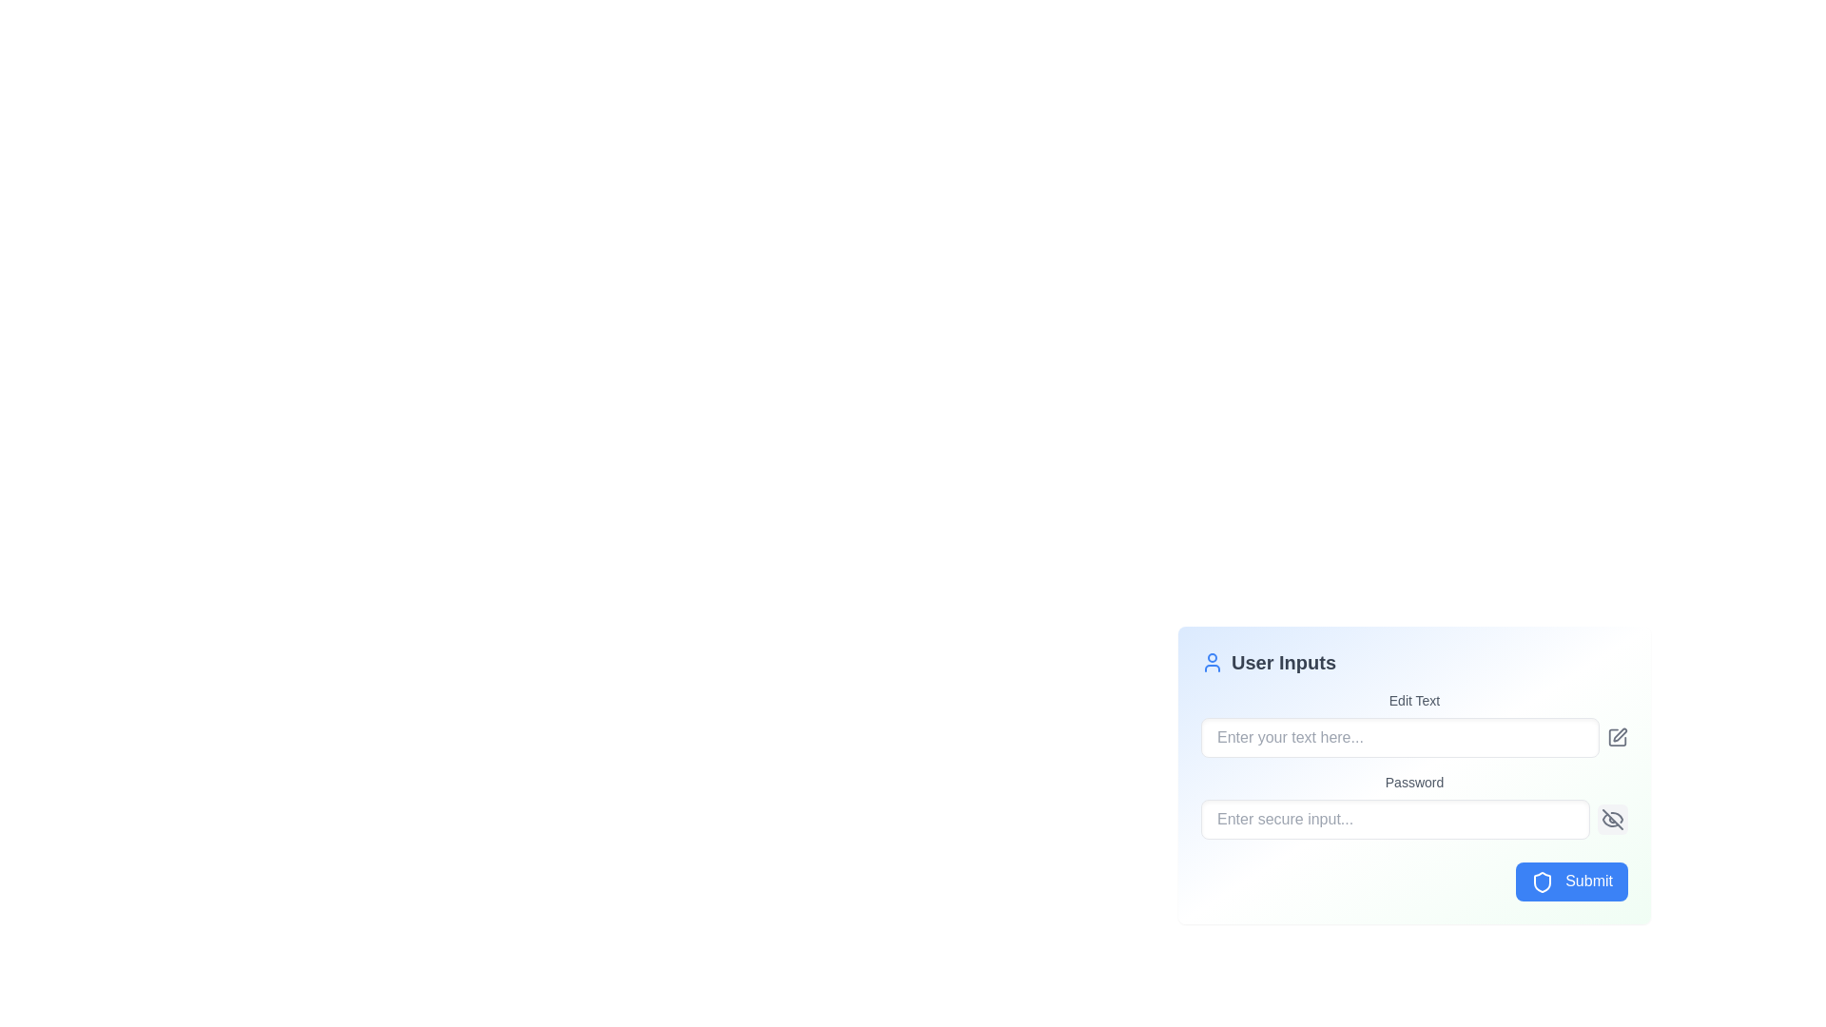 The height and width of the screenshot is (1027, 1826). What do you see at coordinates (1414, 700) in the screenshot?
I see `the label indicating the associated input field in the 'User Inputs' form, which is situated directly above the text input field labeled 'Enter your text here...'` at bounding box center [1414, 700].